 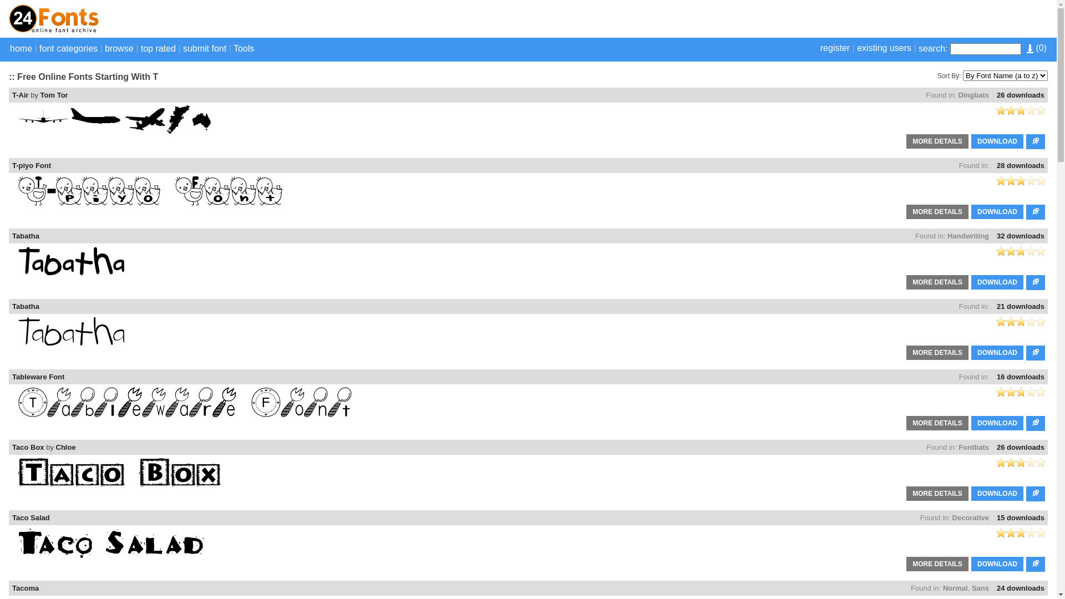 What do you see at coordinates (158, 48) in the screenshot?
I see `'top rated'` at bounding box center [158, 48].